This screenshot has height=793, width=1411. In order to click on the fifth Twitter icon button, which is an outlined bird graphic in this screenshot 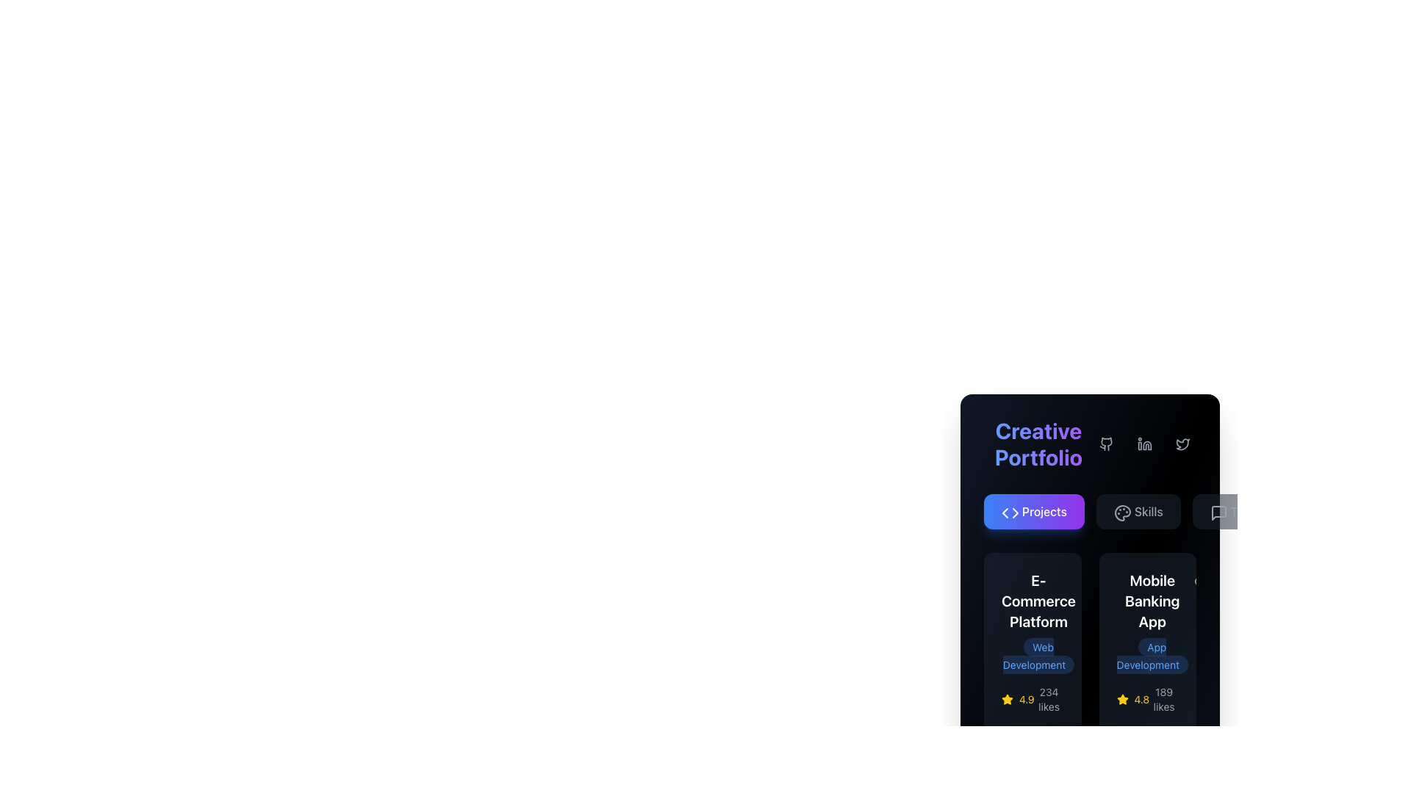, I will do `click(1182, 443)`.